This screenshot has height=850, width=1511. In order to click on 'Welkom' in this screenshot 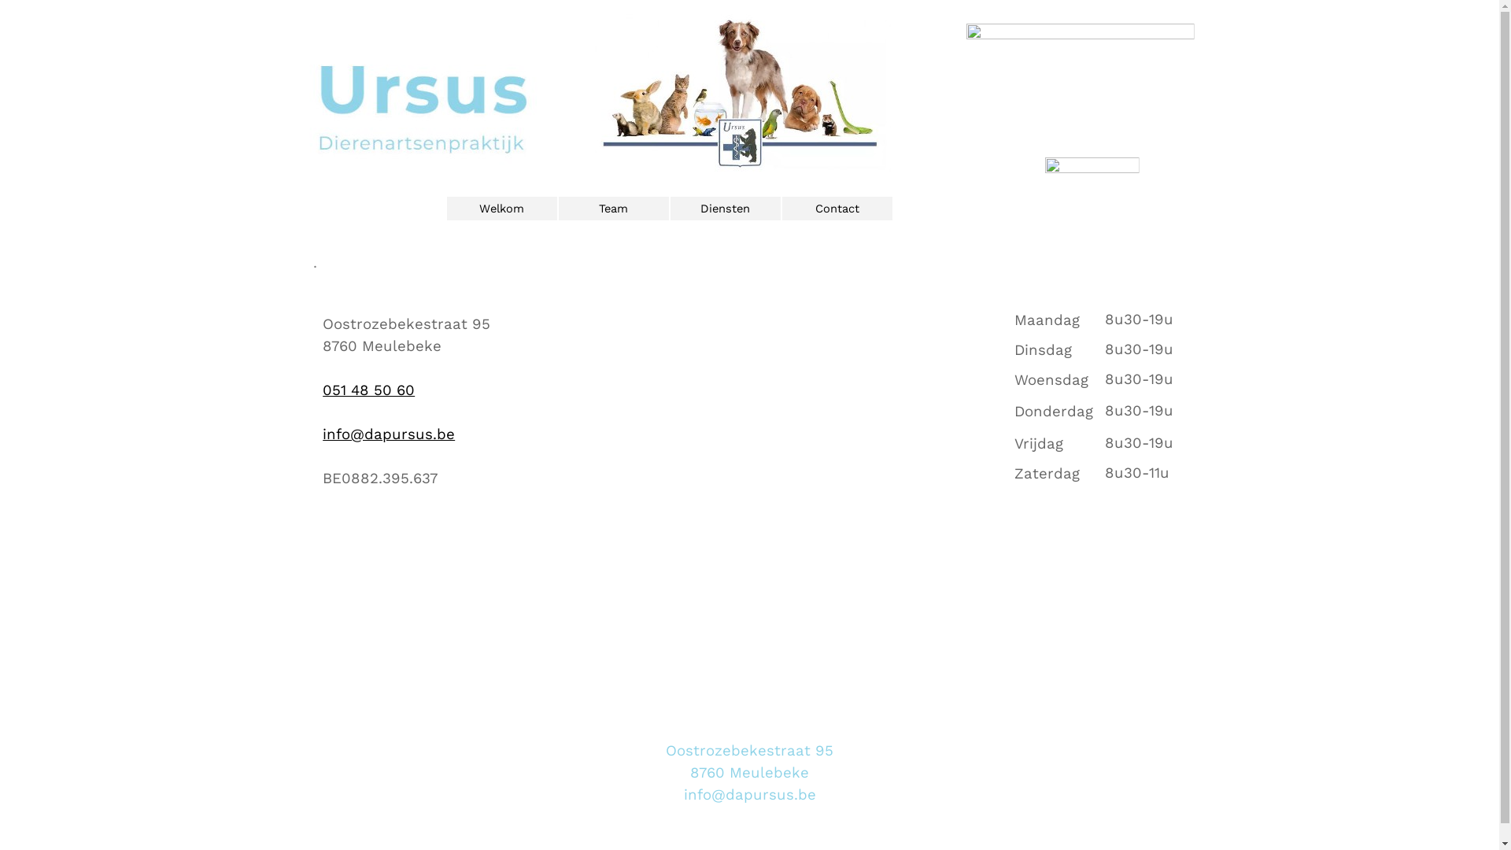, I will do `click(501, 208)`.